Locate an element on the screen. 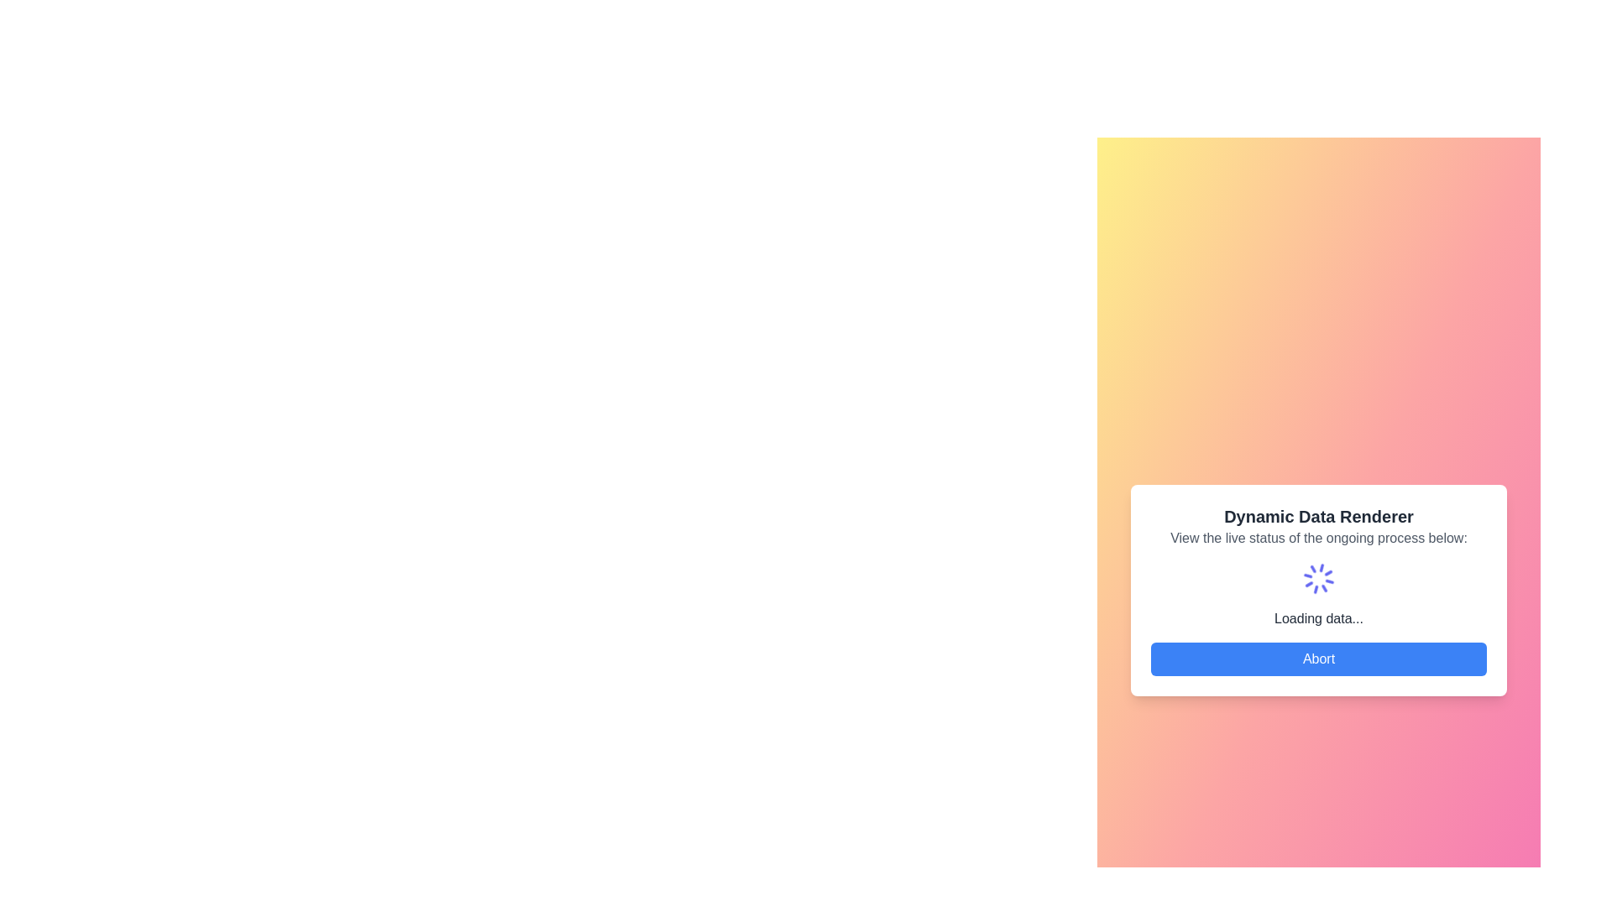 The image size is (1612, 906). the Loader Icon located within the 'Dynamic Data Renderer' modal dialog, positioned below the main subtitle and above the 'Loading data...' text is located at coordinates (1317, 578).